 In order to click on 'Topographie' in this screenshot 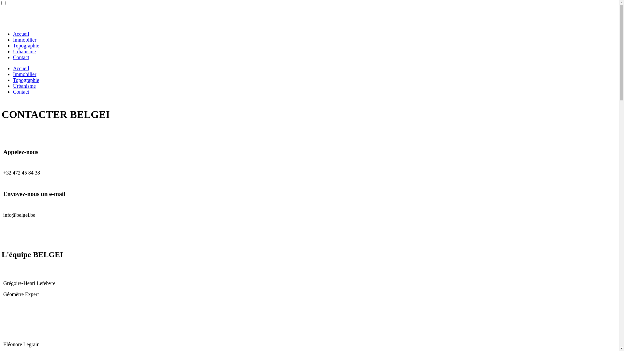, I will do `click(26, 80)`.